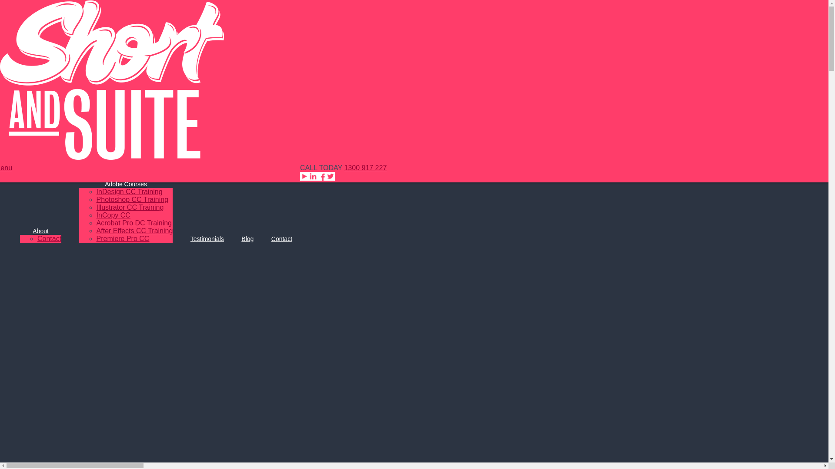 The height and width of the screenshot is (469, 835). I want to click on 'MORE INFO', so click(498, 41).